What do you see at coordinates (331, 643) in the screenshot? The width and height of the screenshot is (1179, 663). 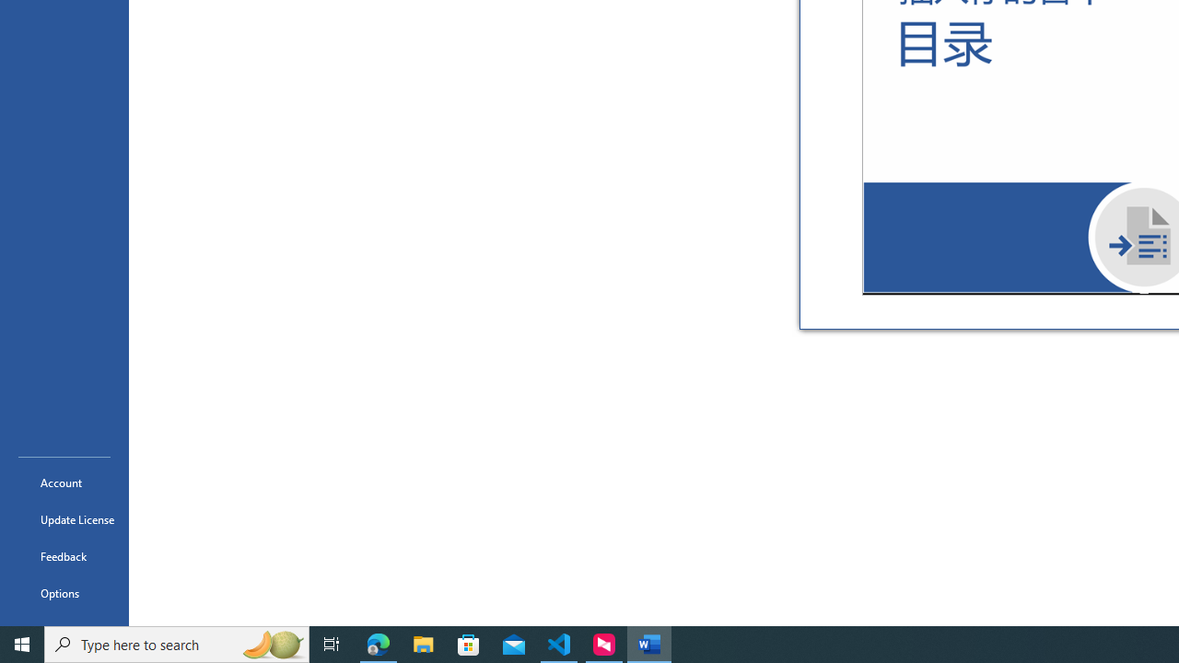 I see `'Task View'` at bounding box center [331, 643].